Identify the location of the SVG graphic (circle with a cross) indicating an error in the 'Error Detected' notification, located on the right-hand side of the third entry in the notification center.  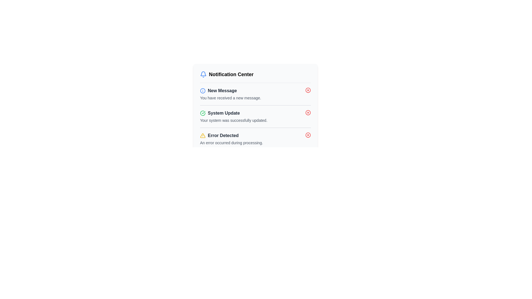
(308, 135).